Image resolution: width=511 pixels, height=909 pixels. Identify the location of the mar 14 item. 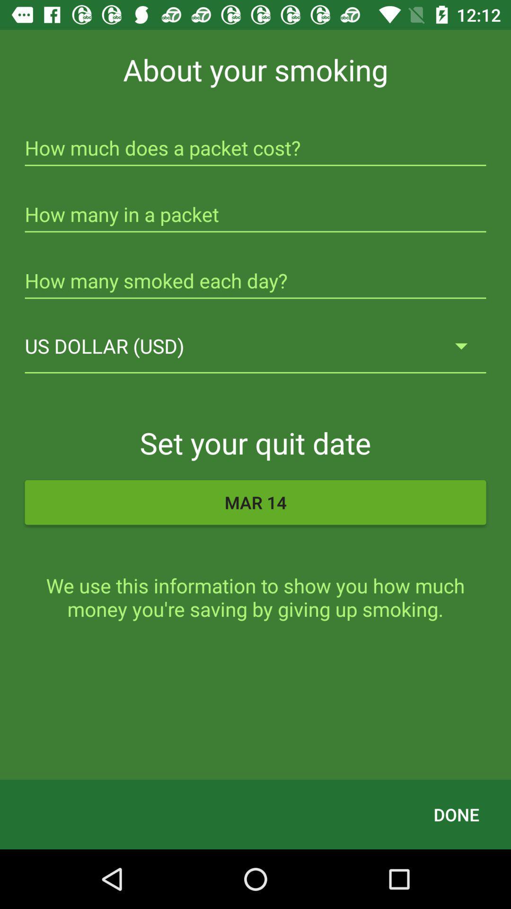
(255, 502).